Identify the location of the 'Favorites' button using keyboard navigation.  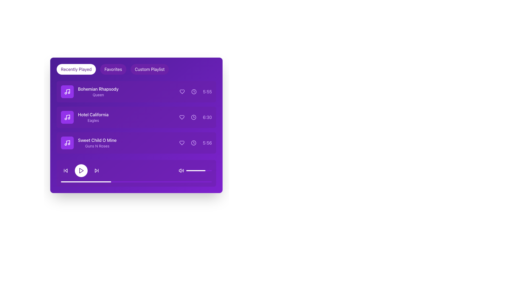
(113, 69).